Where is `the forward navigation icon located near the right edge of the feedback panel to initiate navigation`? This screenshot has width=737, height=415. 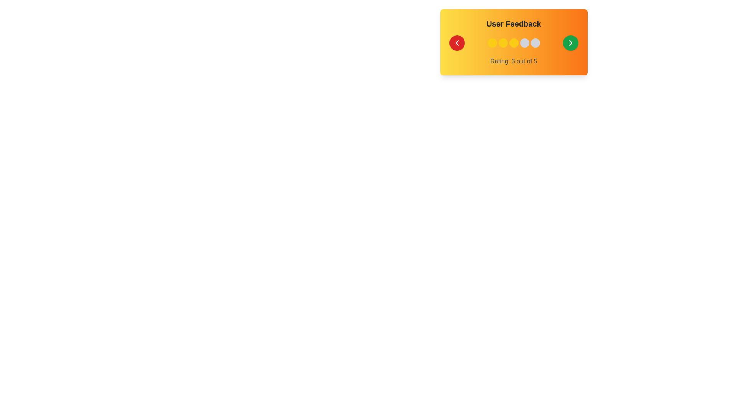 the forward navigation icon located near the right edge of the feedback panel to initiate navigation is located at coordinates (570, 43).